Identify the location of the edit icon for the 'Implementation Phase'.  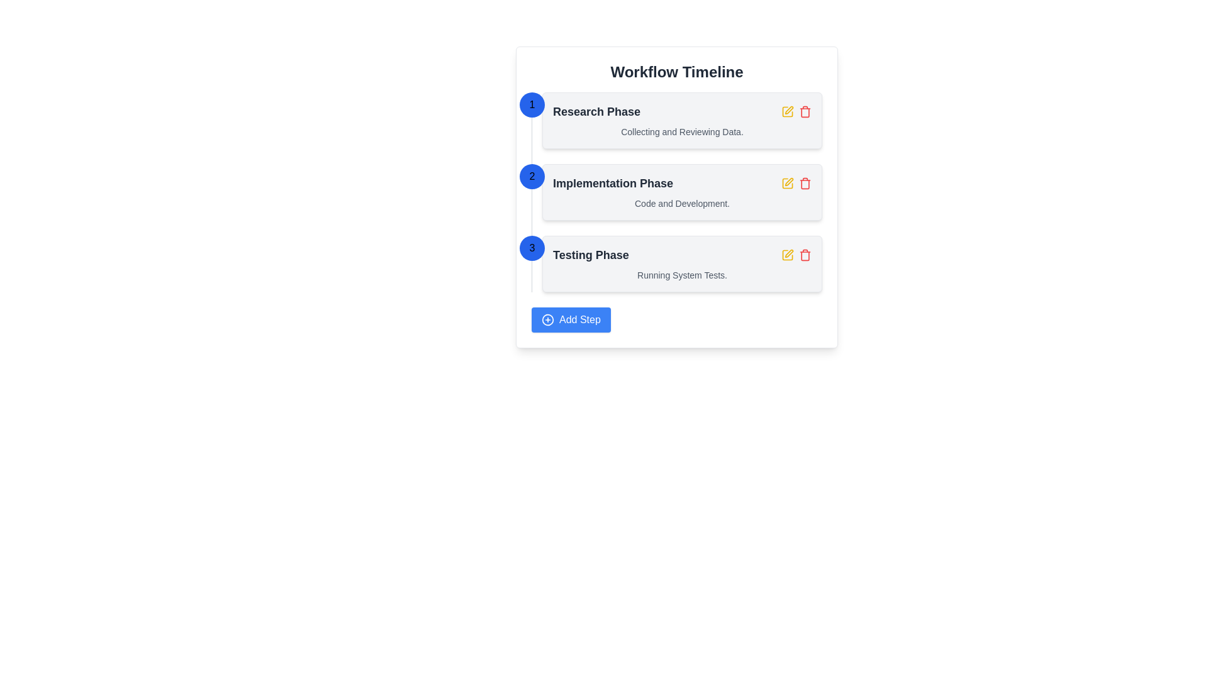
(787, 111).